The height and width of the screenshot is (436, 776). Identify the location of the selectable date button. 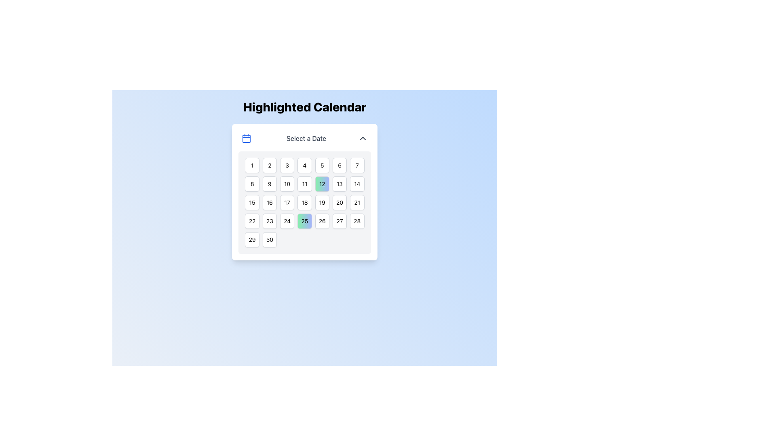
(356, 221).